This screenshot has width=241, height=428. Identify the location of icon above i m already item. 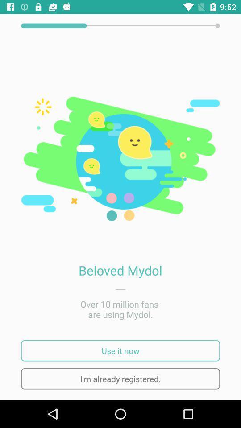
(120, 350).